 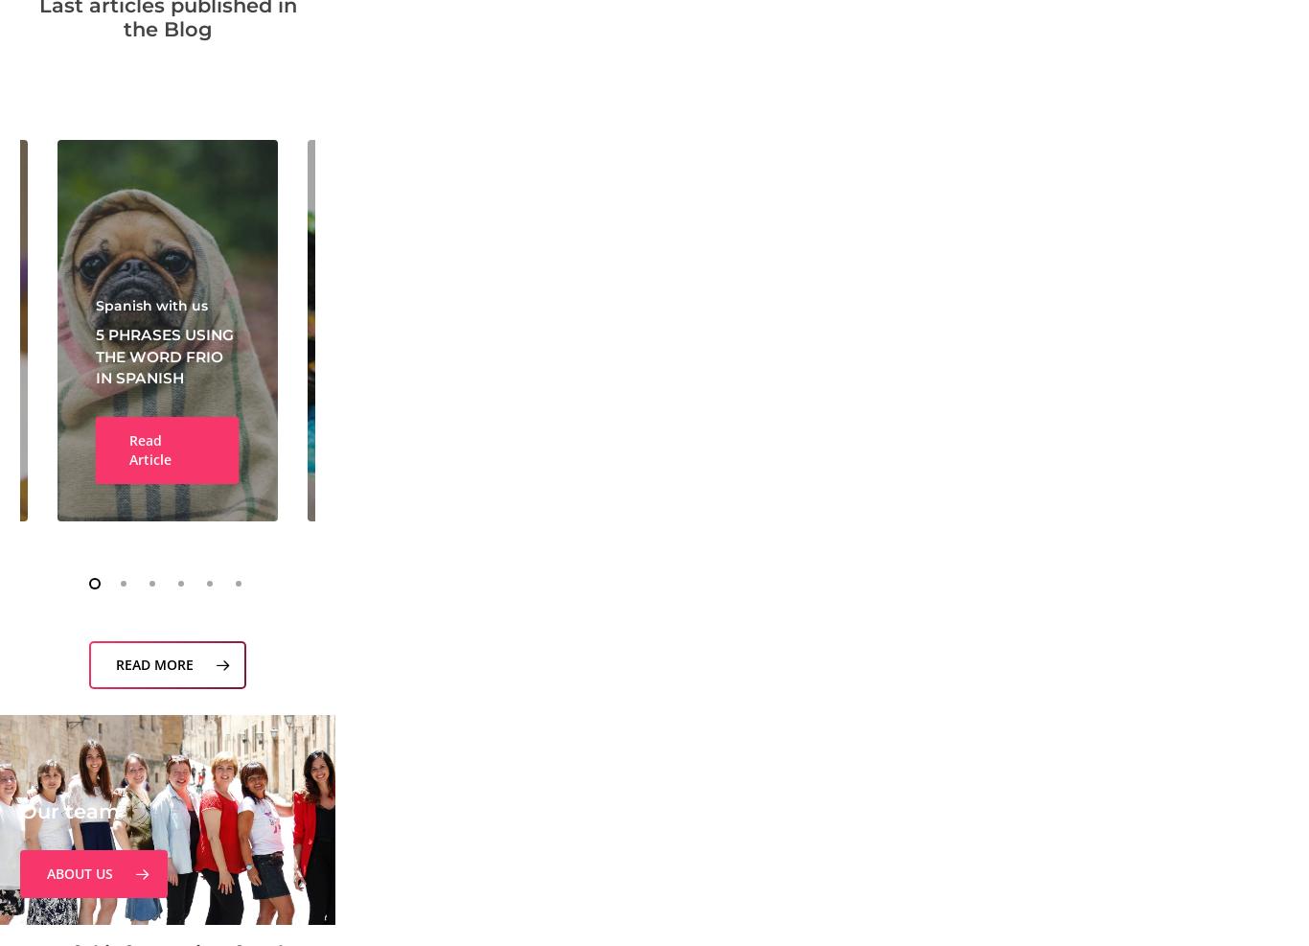 What do you see at coordinates (1093, 366) in the screenshot?
I see `'International Women’s Day'` at bounding box center [1093, 366].